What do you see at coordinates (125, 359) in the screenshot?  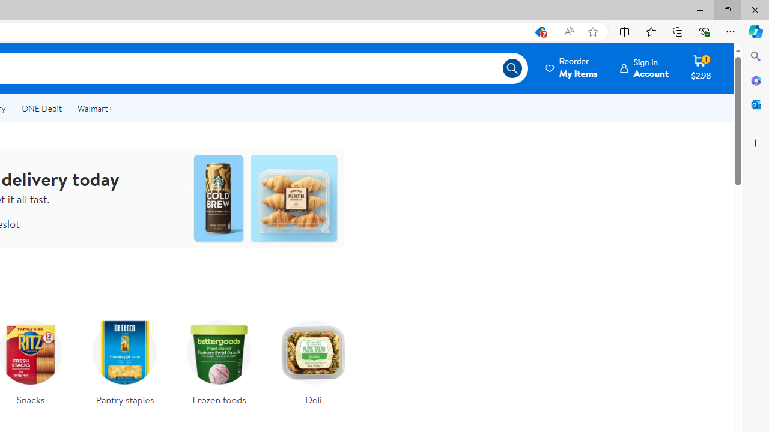 I see `'Pantry staples'` at bounding box center [125, 359].